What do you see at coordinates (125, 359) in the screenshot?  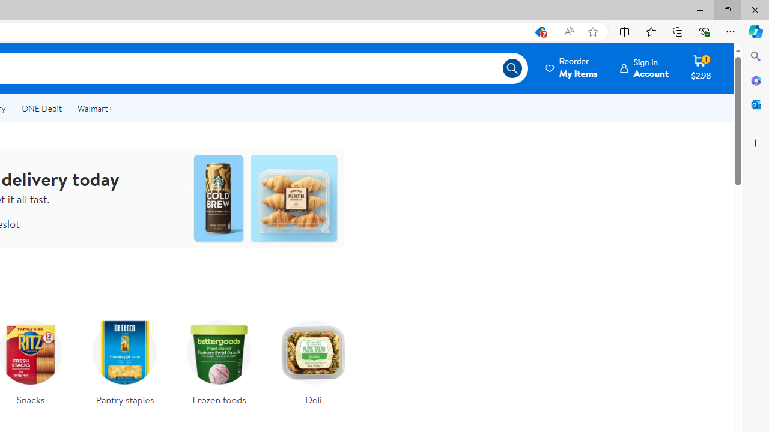 I see `'Pantry staples'` at bounding box center [125, 359].